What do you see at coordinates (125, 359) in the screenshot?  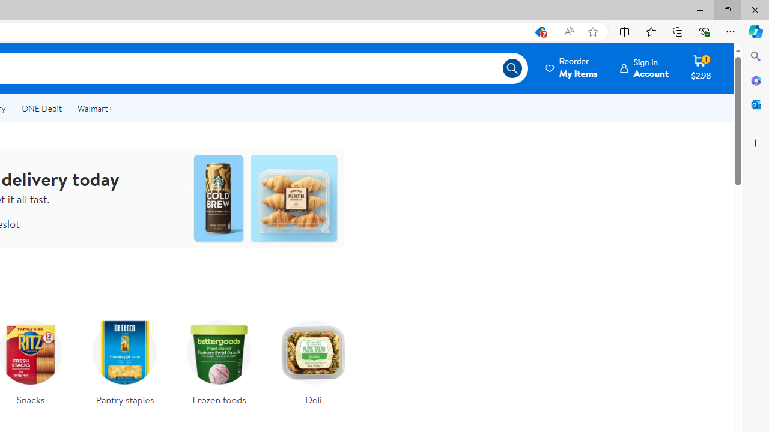 I see `'Pantry staples'` at bounding box center [125, 359].